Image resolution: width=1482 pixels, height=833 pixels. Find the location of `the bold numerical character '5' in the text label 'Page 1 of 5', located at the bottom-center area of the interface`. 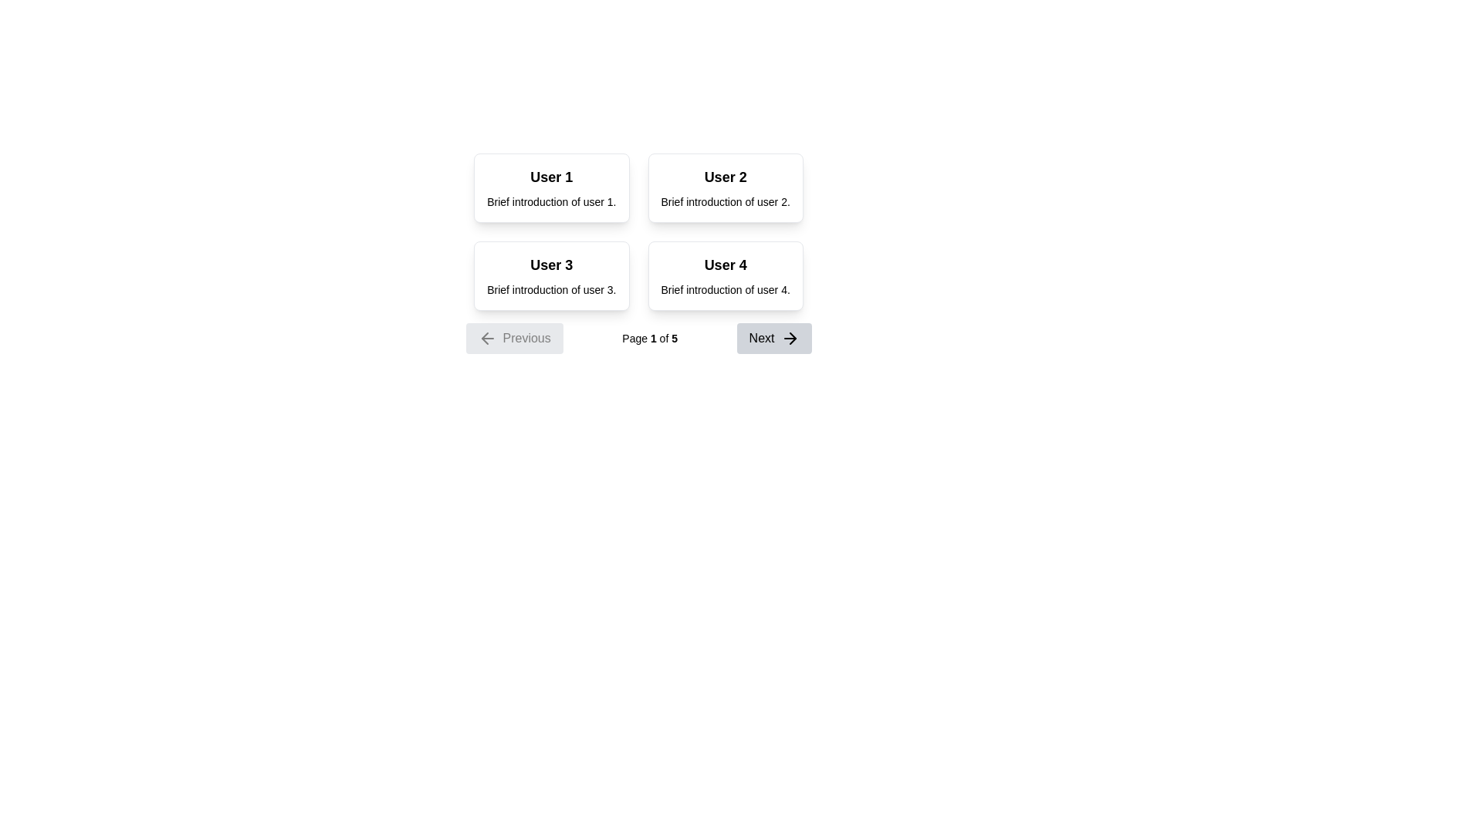

the bold numerical character '5' in the text label 'Page 1 of 5', located at the bottom-center area of the interface is located at coordinates (675, 338).